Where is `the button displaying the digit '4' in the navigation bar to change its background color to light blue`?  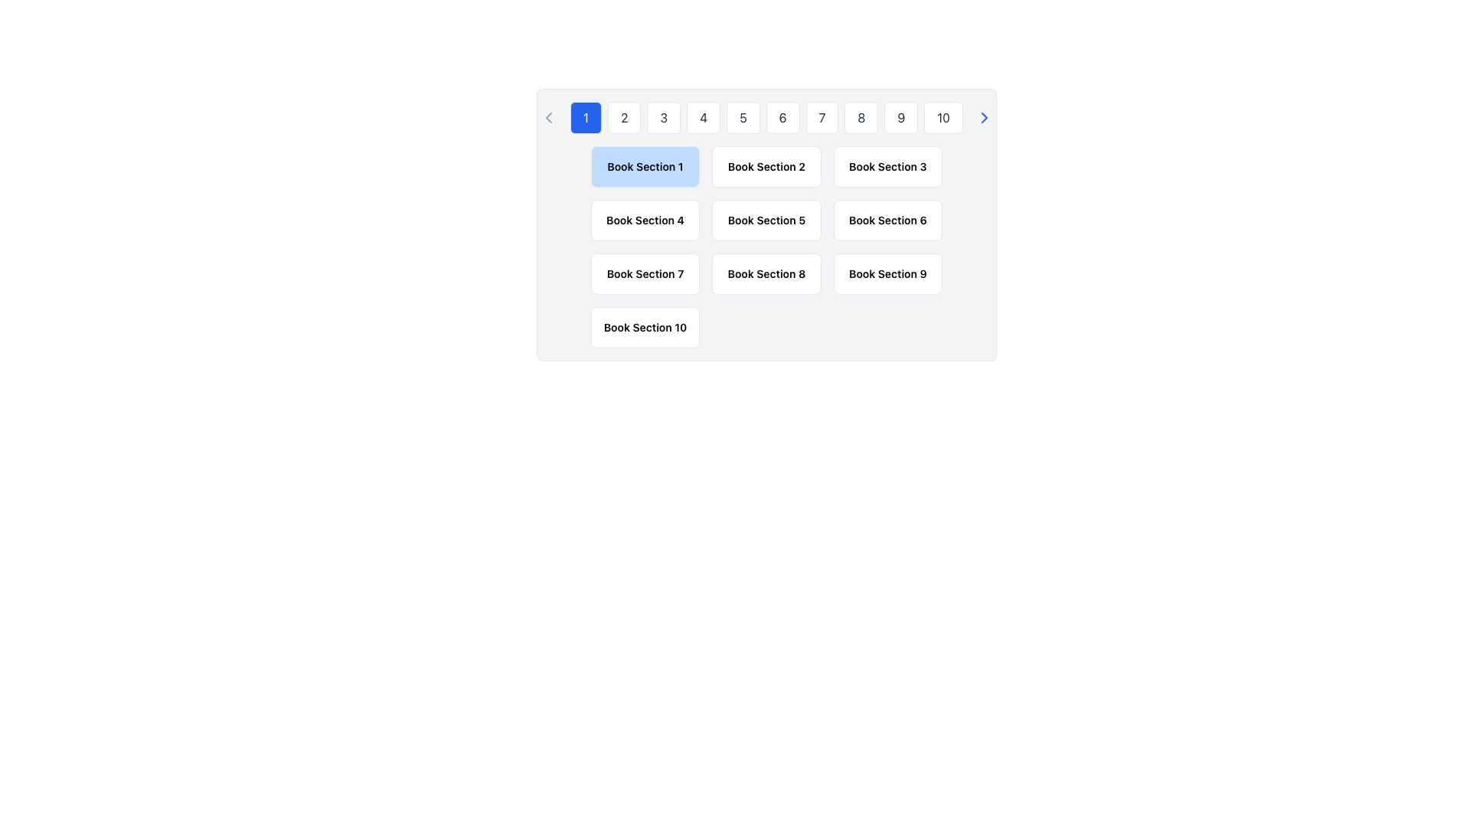
the button displaying the digit '4' in the navigation bar to change its background color to light blue is located at coordinates (703, 117).